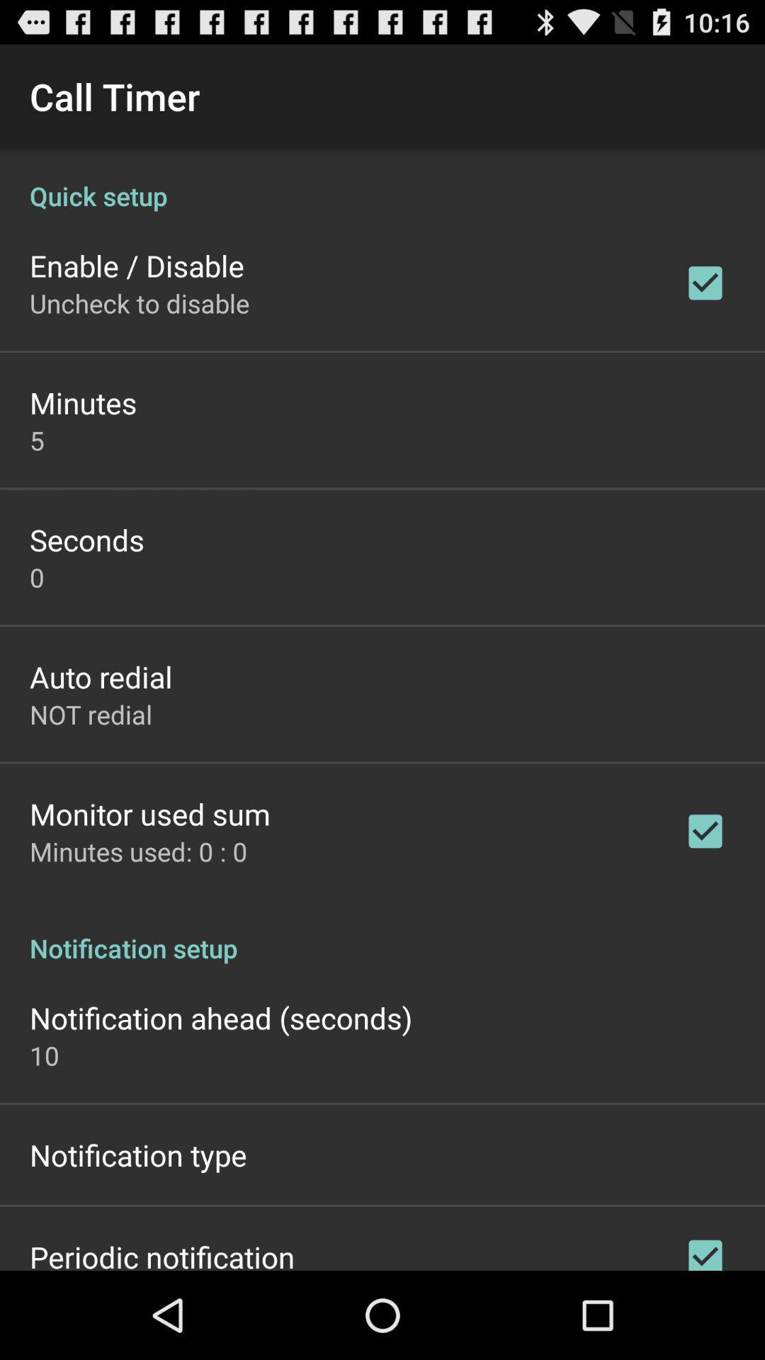 The width and height of the screenshot is (765, 1360). What do you see at coordinates (100, 676) in the screenshot?
I see `app above not redial` at bounding box center [100, 676].